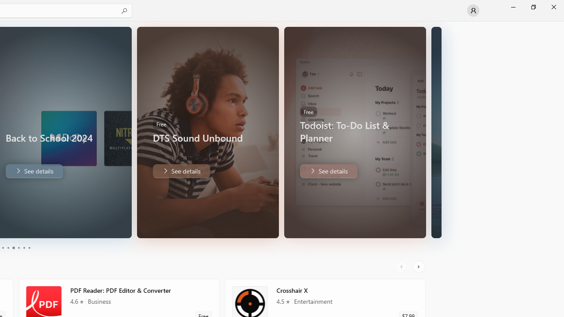 This screenshot has width=564, height=317. What do you see at coordinates (419, 266) in the screenshot?
I see `'AutomationID: RightScrollButton'` at bounding box center [419, 266].